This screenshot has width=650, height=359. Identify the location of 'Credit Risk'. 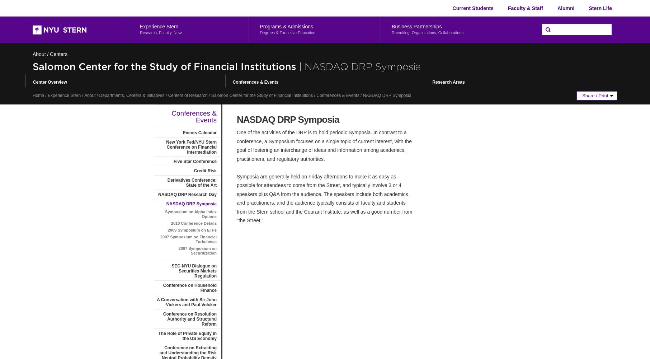
(205, 171).